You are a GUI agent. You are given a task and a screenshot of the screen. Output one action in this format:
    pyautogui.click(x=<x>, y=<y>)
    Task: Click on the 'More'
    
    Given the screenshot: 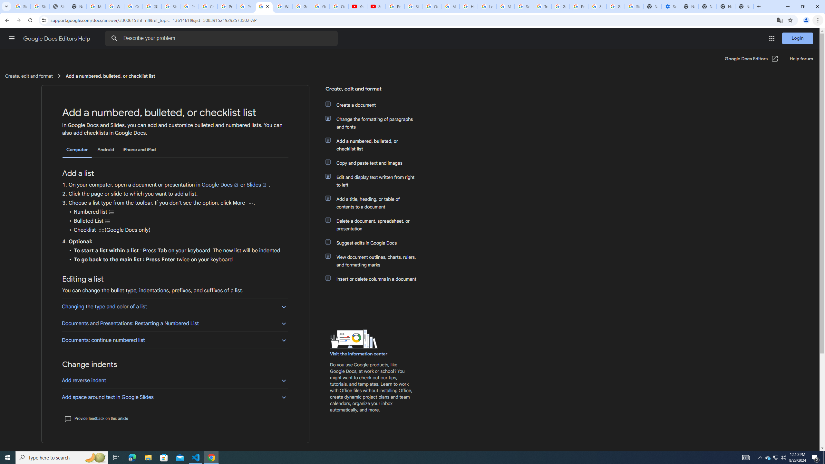 What is the action you would take?
    pyautogui.click(x=250, y=203)
    